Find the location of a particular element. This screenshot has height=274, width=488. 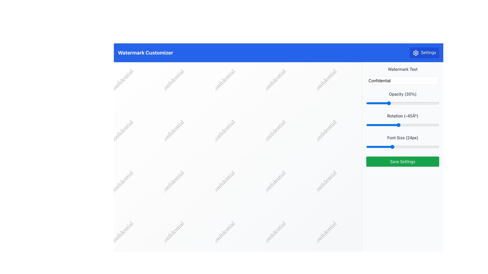

the font size is located at coordinates (370, 147).